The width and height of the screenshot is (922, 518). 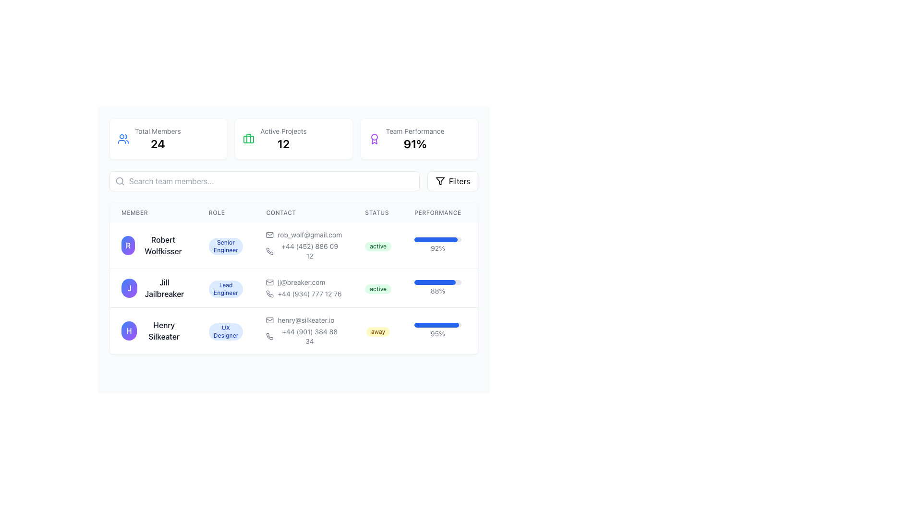 I want to click on percentage value displayed on the Progress Bar with Label for Robert Wolfkisser in the Performance column of the table, which shows 92%, so click(x=437, y=245).